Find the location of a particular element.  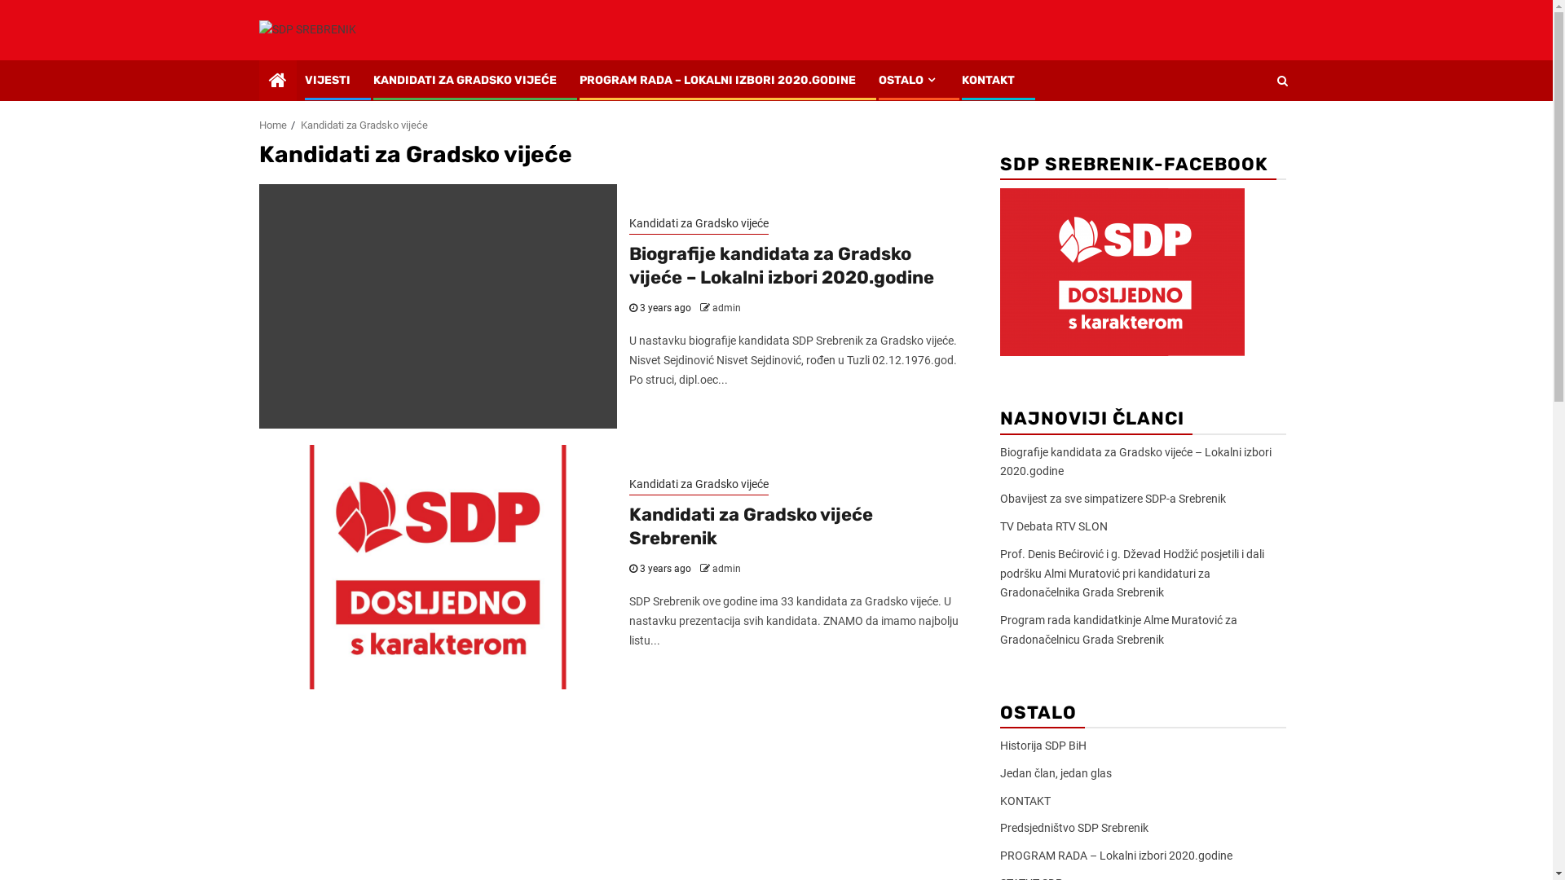

'admin' is located at coordinates (712, 568).